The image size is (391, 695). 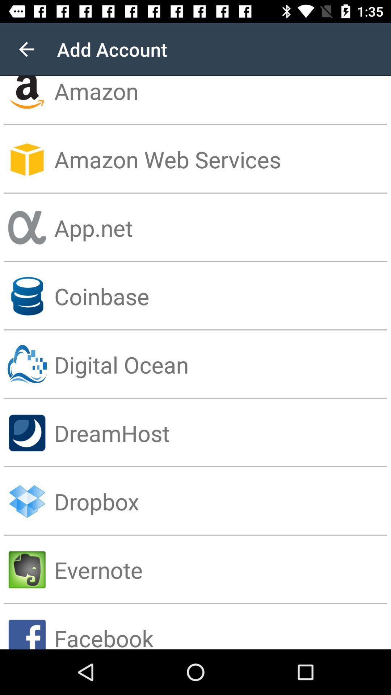 What do you see at coordinates (222, 433) in the screenshot?
I see `the icon below digital ocean item` at bounding box center [222, 433].